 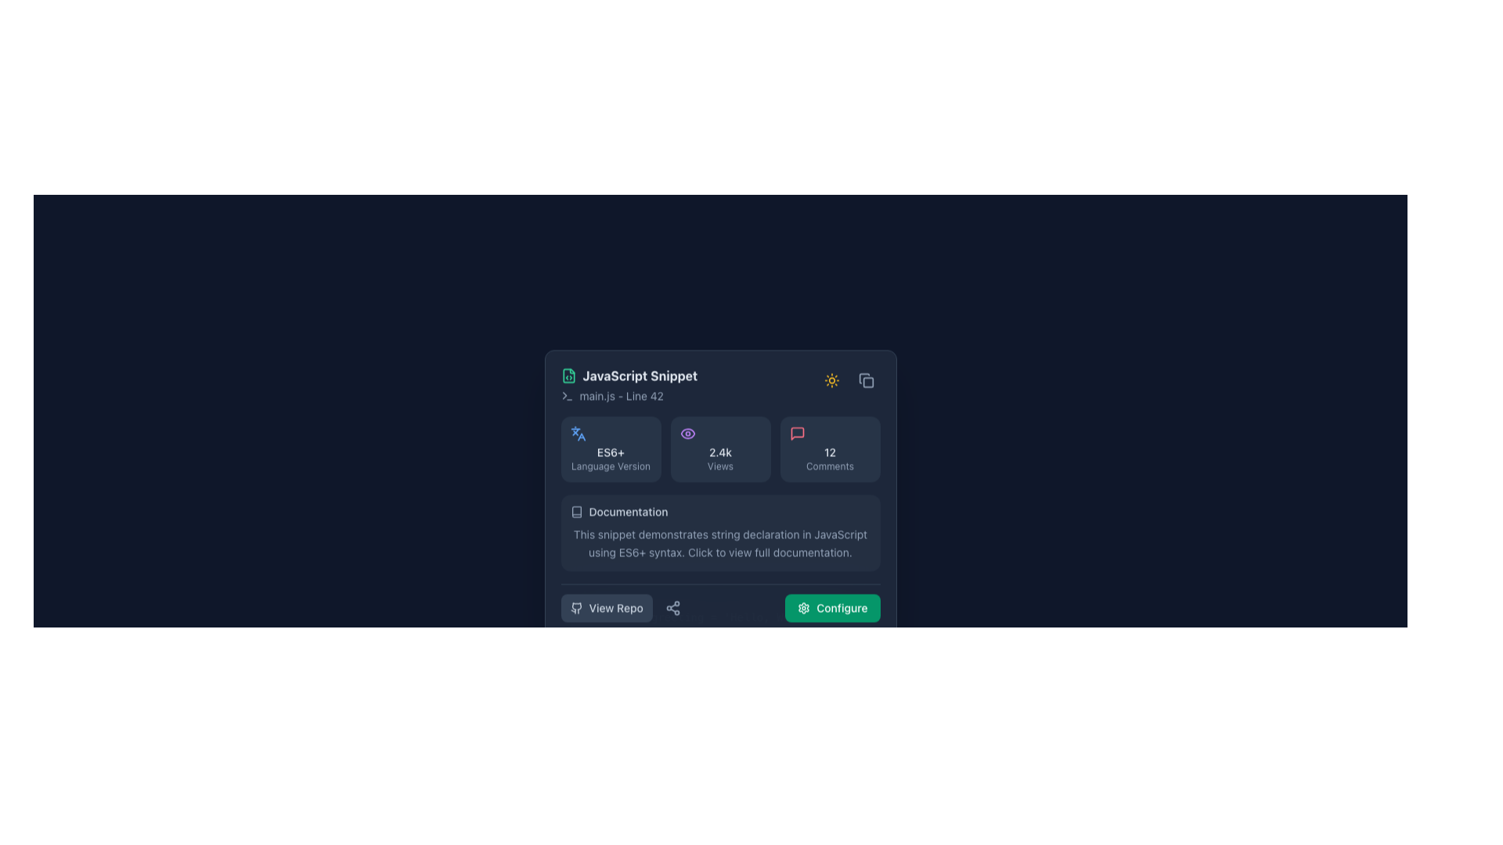 I want to click on text label displaying '12' comments associated with the card content, located in the upper-right section of the card interface, so click(x=829, y=452).